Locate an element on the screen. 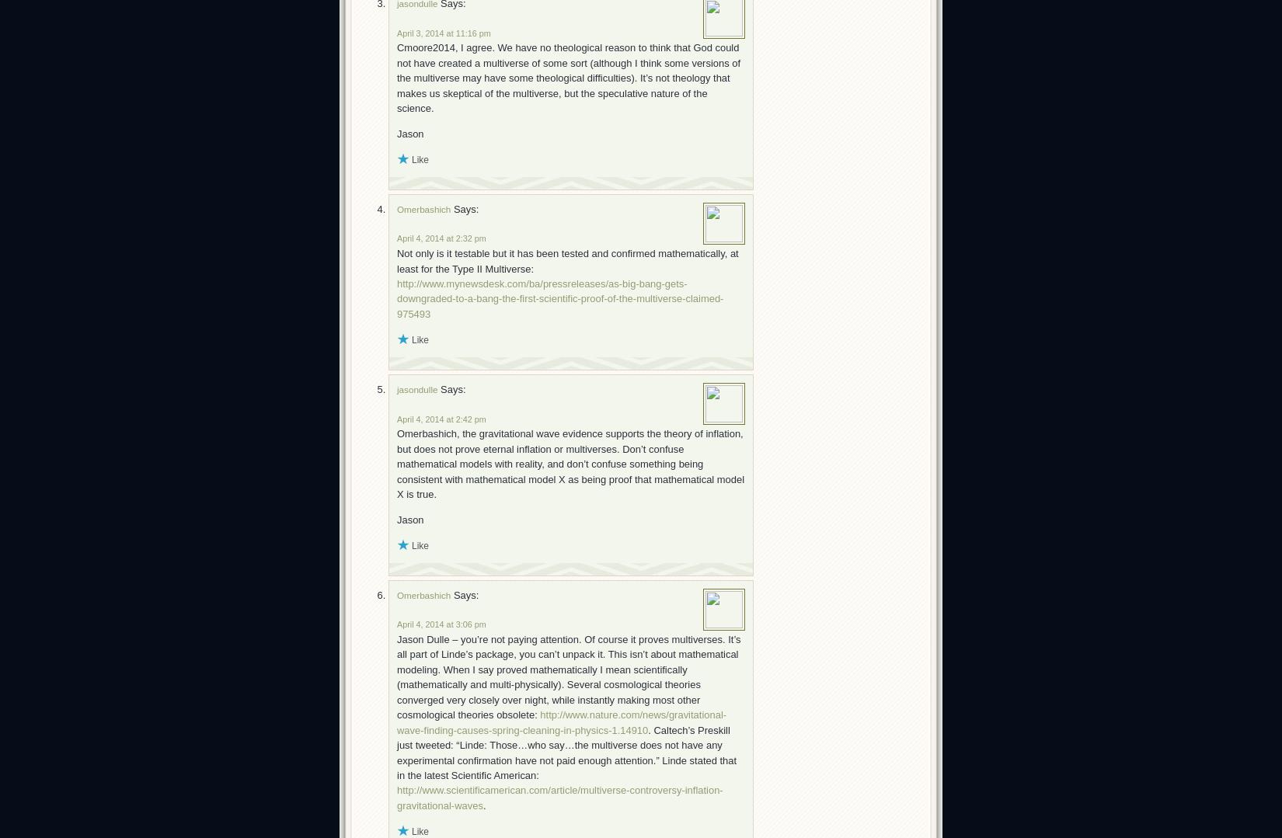 The width and height of the screenshot is (1282, 838). 'Omerbashich, the gravitational wave evidence supports the theory of inflation, but does not prove eternal inflation or multiverses.  Don’t confuse mathematical models with reality, and don’t confuse something being consistent with mathematical model X as being proof that mathematical model X is true.' is located at coordinates (570, 464).